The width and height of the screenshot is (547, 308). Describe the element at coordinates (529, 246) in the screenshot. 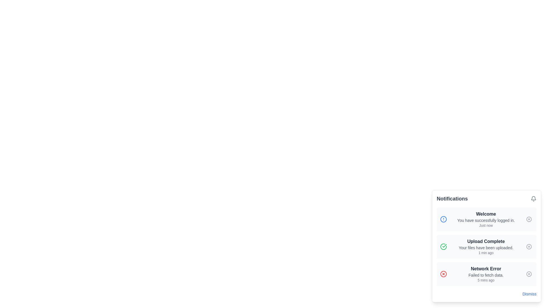

I see `the gray circular icon with an 'X' mark inside` at that location.